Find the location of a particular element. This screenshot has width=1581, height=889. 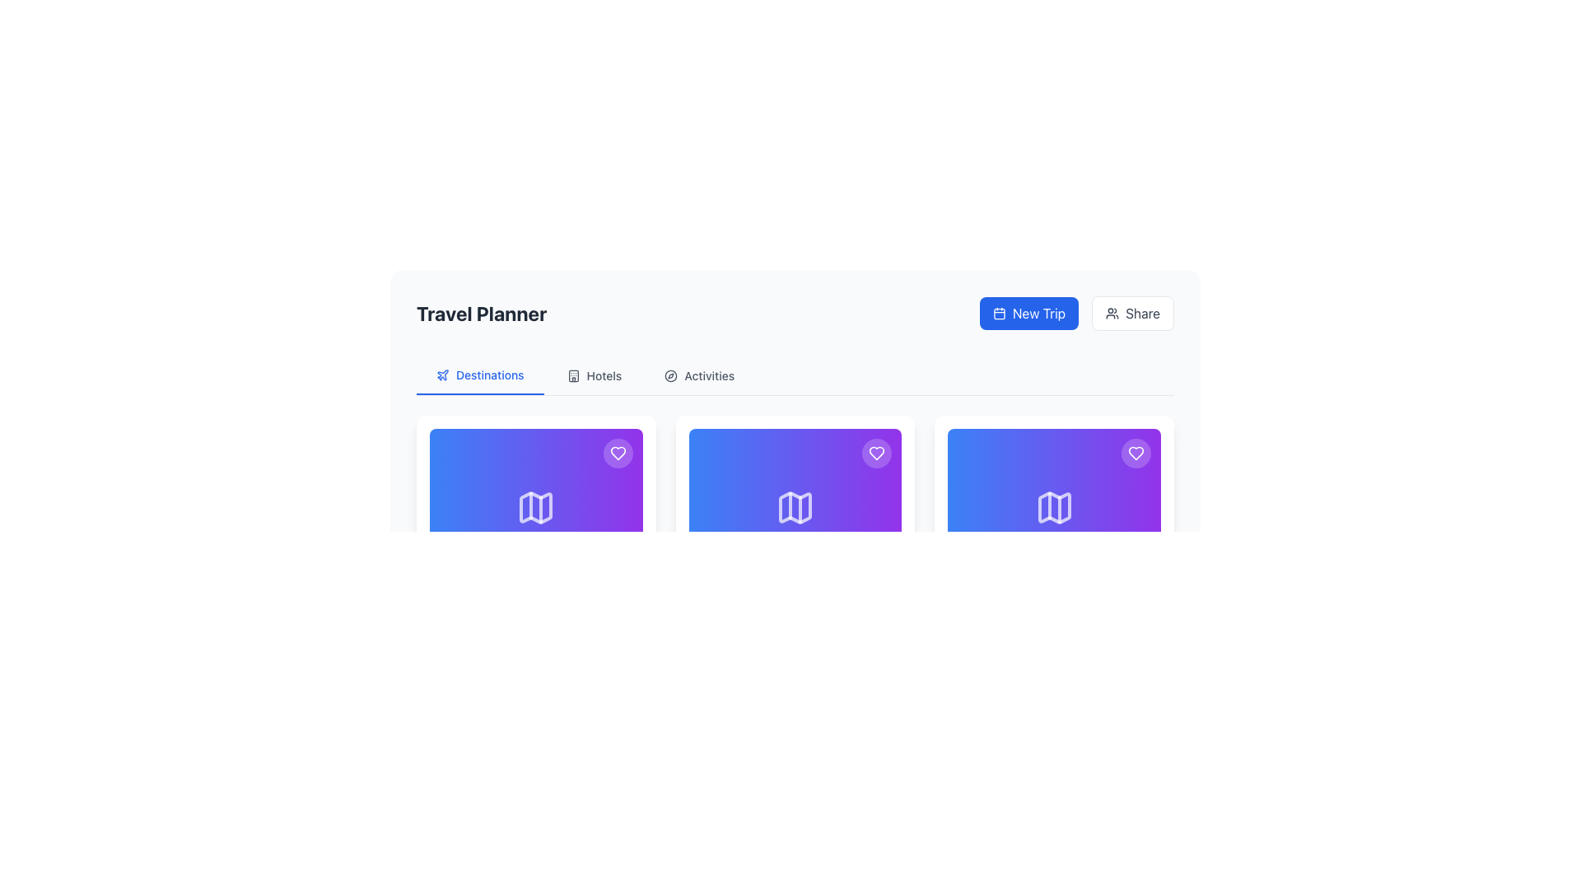

the stylized map icon located in the center of the second card under the 'Destinations' tab is located at coordinates (795, 507).